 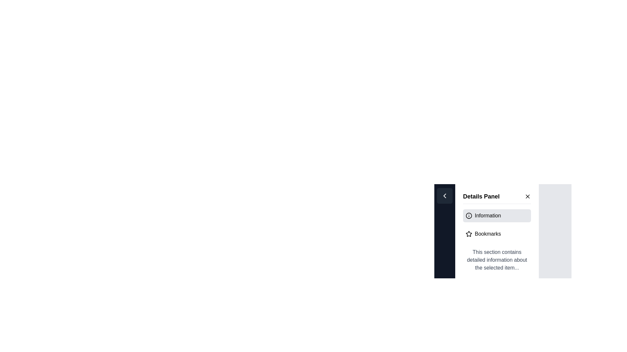 I want to click on the 'Information' button, which is a horizontally aligned UI element with a circular information icon on the left and light gray background, so click(x=496, y=216).